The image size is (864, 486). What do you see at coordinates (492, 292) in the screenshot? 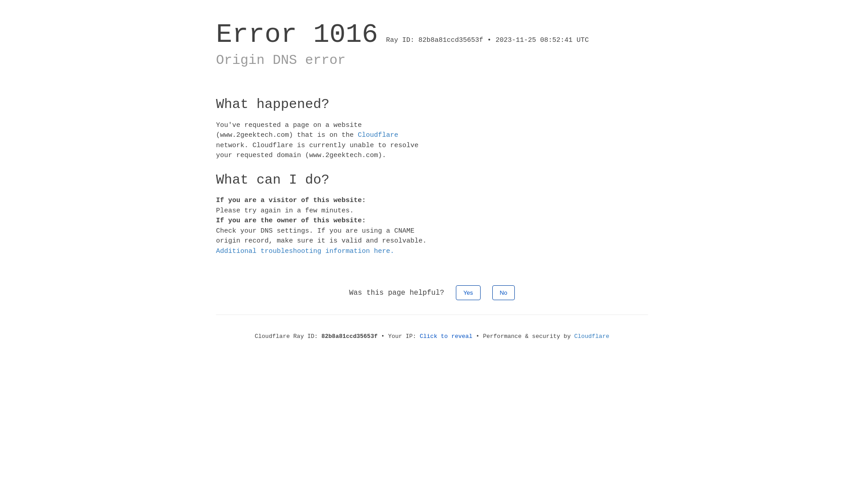
I see `'No'` at bounding box center [492, 292].